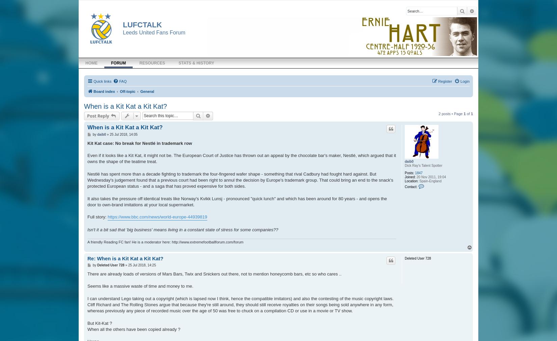  What do you see at coordinates (429, 180) in the screenshot?
I see `'Spain-England'` at bounding box center [429, 180].